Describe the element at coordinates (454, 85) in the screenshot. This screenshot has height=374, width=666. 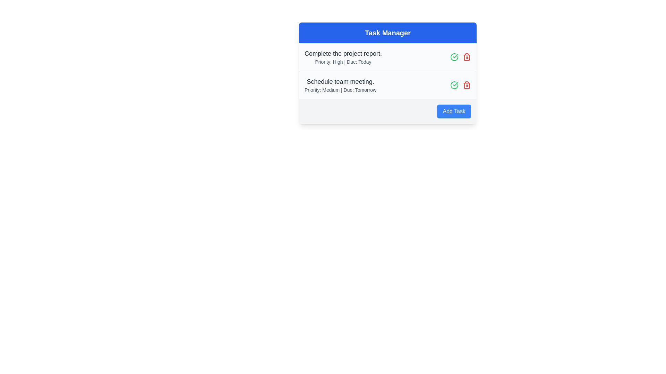
I see `the circular green icon with a check mark inside to mark the task as complete` at that location.